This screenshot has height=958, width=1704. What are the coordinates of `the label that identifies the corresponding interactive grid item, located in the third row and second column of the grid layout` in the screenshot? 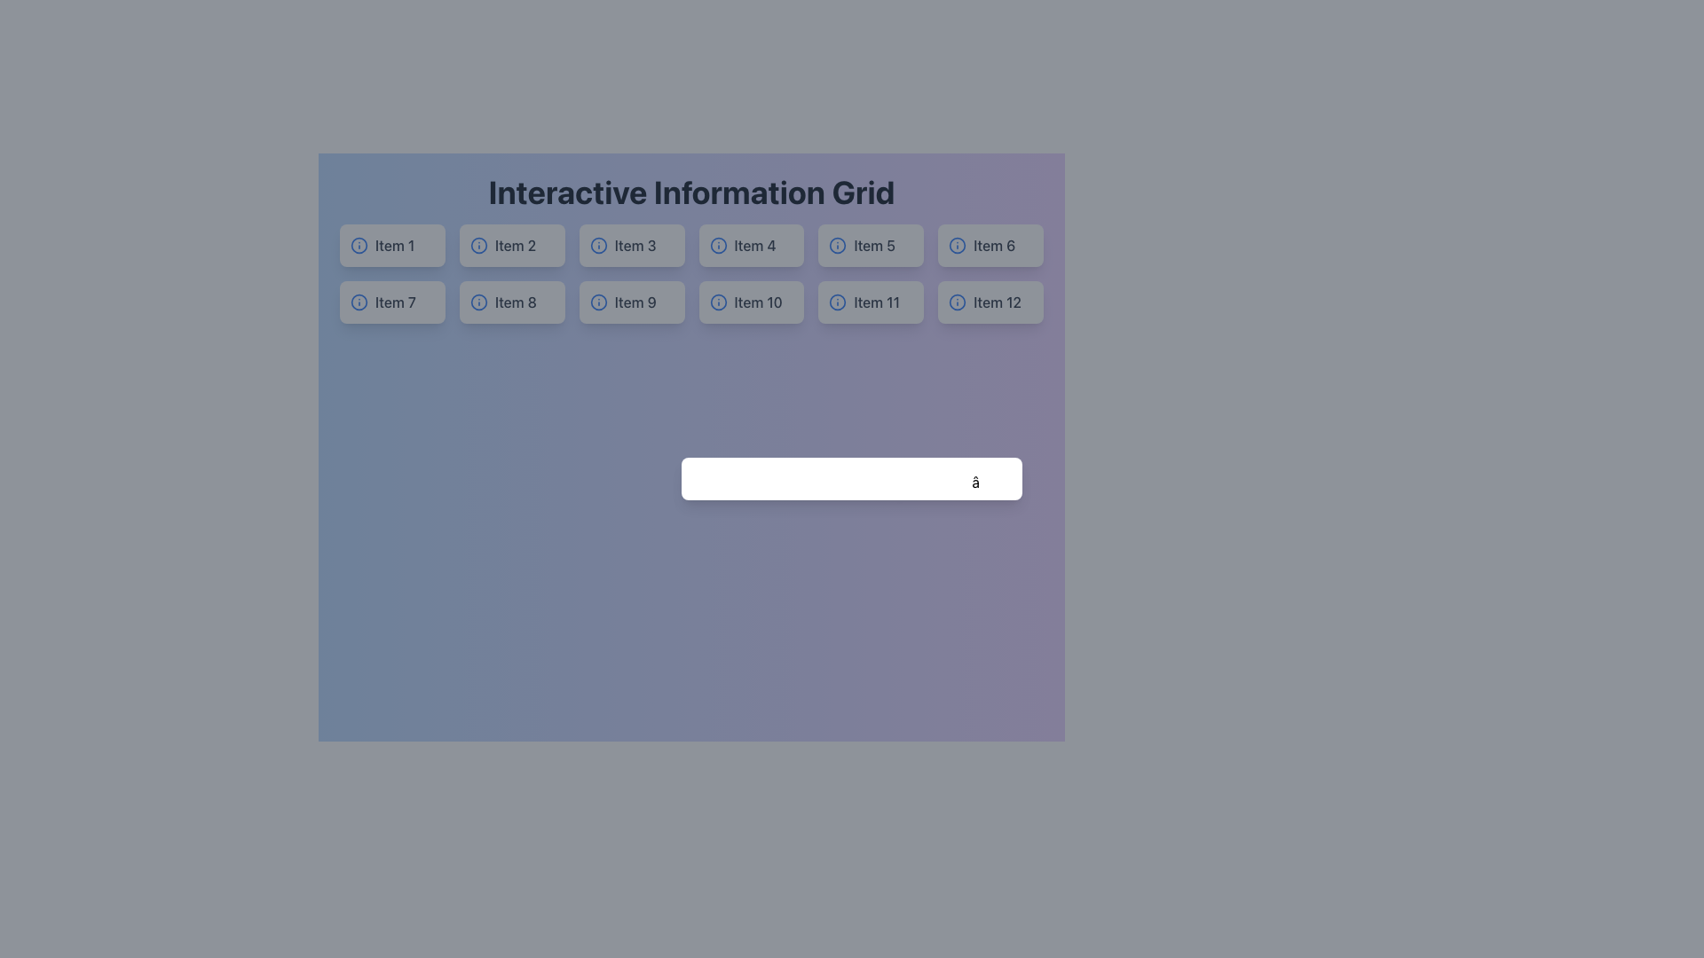 It's located at (758, 301).